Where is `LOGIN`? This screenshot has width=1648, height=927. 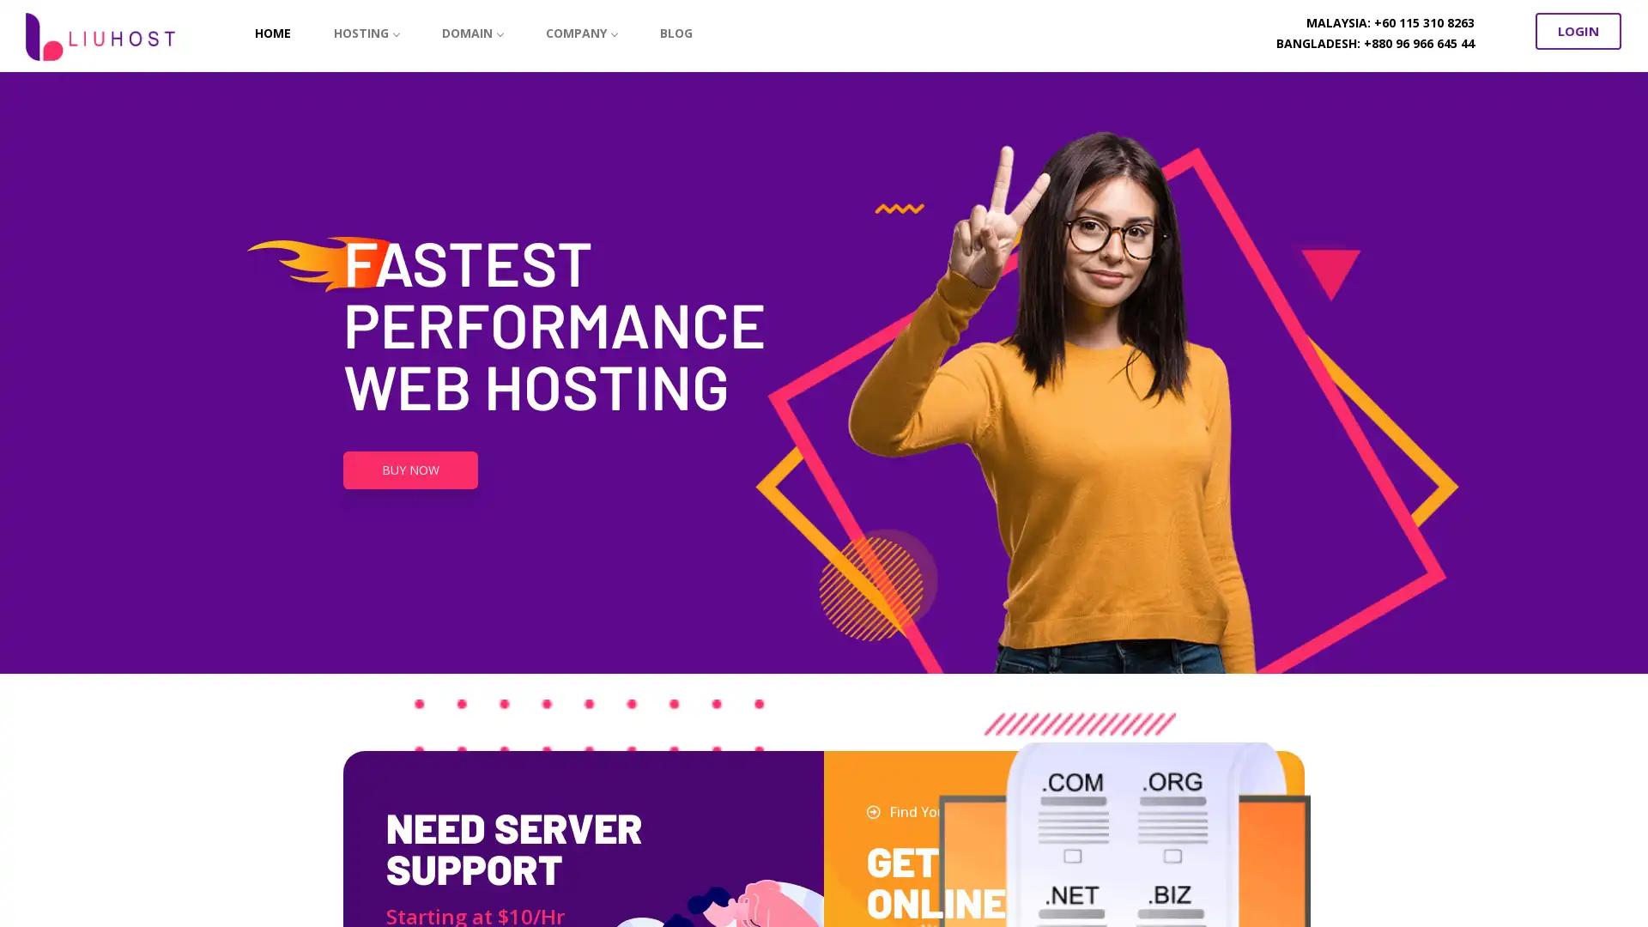 LOGIN is located at coordinates (1578, 31).